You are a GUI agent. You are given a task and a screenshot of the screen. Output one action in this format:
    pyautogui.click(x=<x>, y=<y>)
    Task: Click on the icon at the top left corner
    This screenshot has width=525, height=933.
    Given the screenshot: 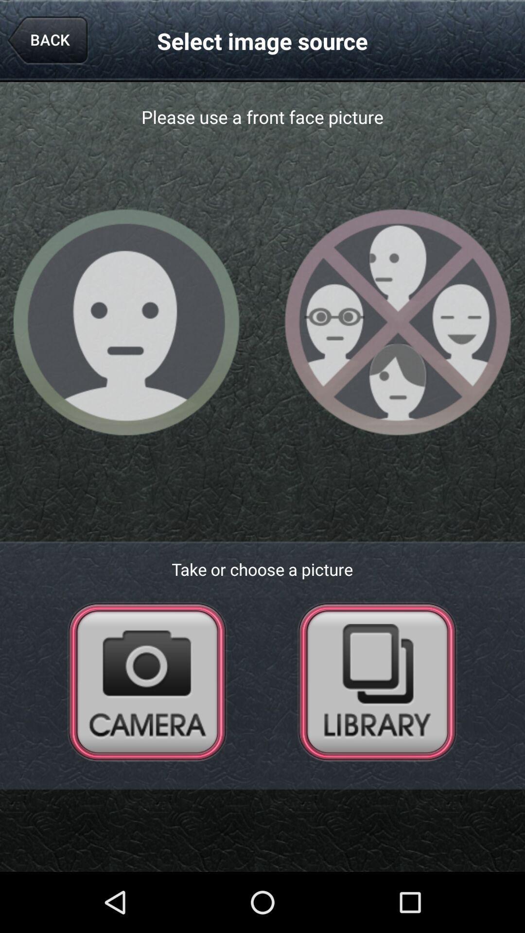 What is the action you would take?
    pyautogui.click(x=47, y=40)
    